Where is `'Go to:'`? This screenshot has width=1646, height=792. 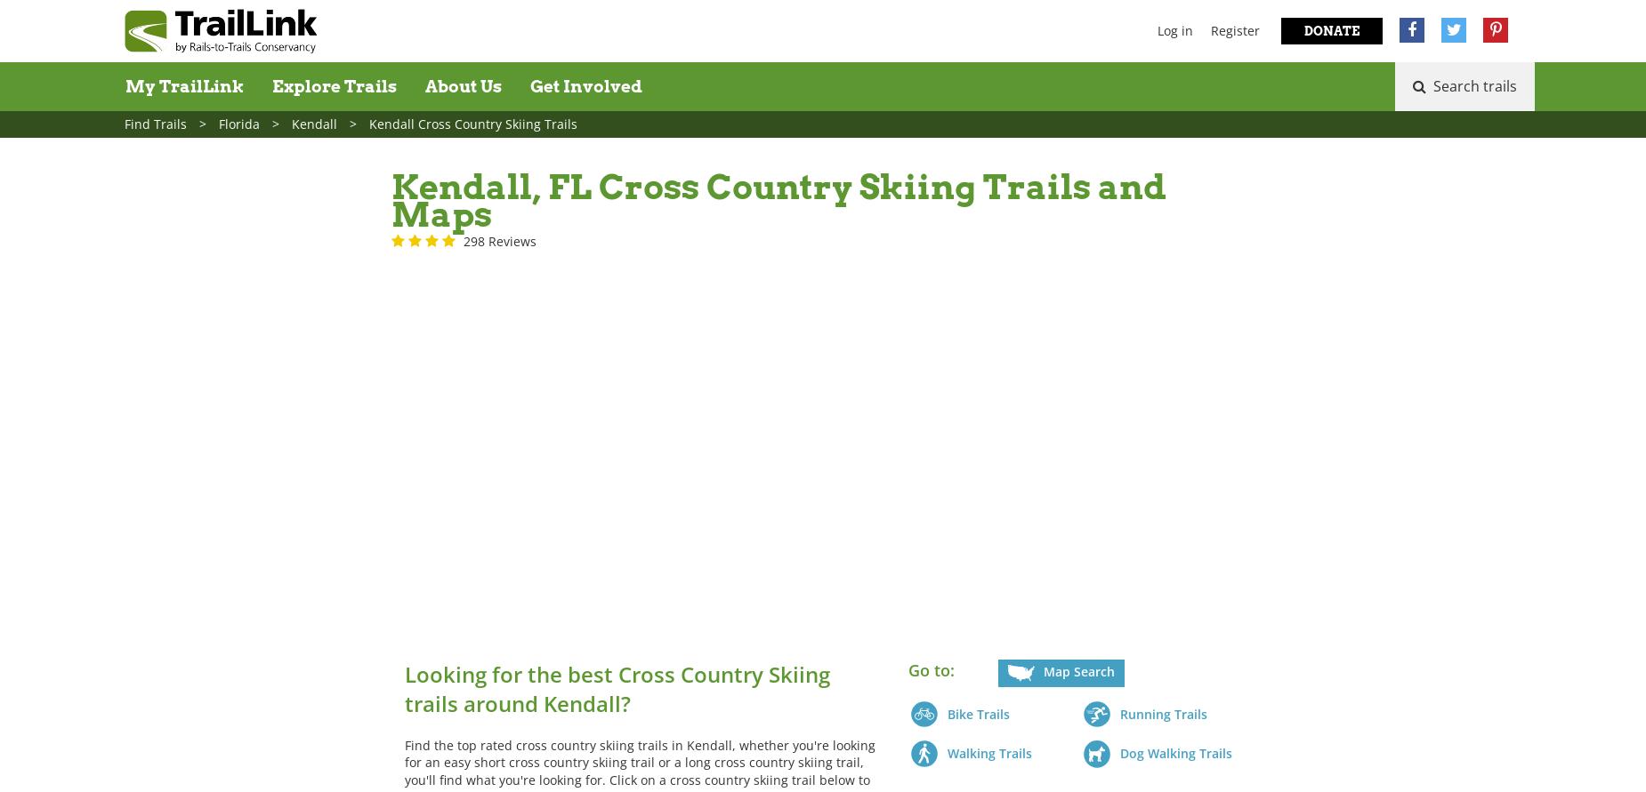 'Go to:' is located at coordinates (929, 668).